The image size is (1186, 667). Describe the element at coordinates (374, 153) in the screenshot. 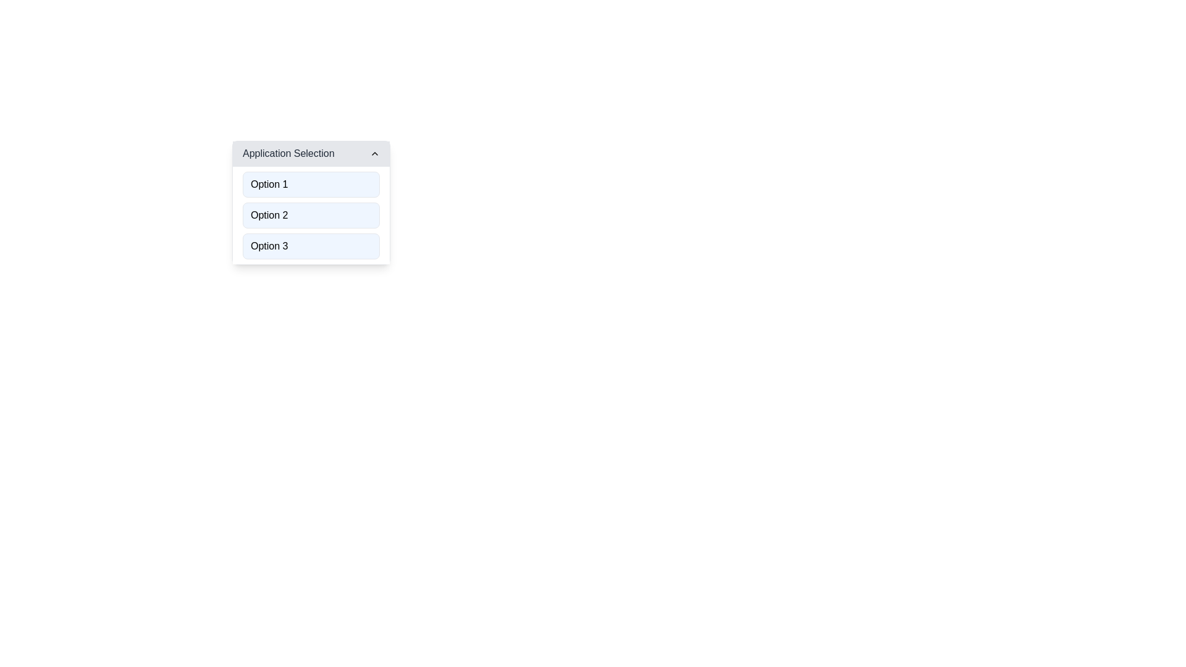

I see `the small up arrow Chevron Icon located in the top right corner of the 'Application Selection' header bar` at that location.